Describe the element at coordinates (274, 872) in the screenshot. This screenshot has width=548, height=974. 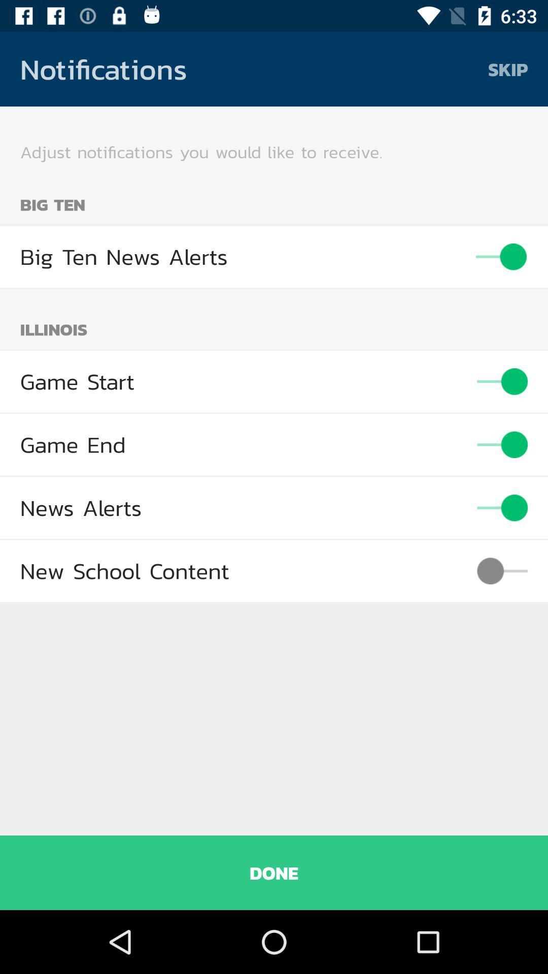
I see `the done icon` at that location.